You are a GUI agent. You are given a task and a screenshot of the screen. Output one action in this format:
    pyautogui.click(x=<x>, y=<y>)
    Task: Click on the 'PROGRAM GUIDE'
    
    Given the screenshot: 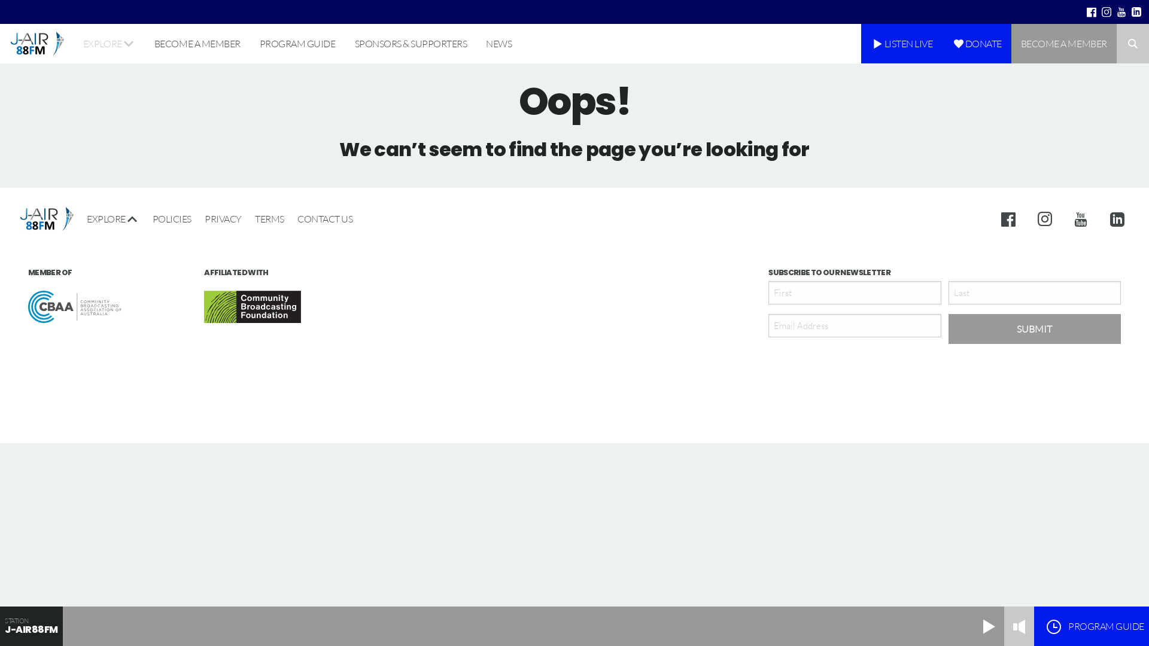 What is the action you would take?
    pyautogui.click(x=297, y=43)
    